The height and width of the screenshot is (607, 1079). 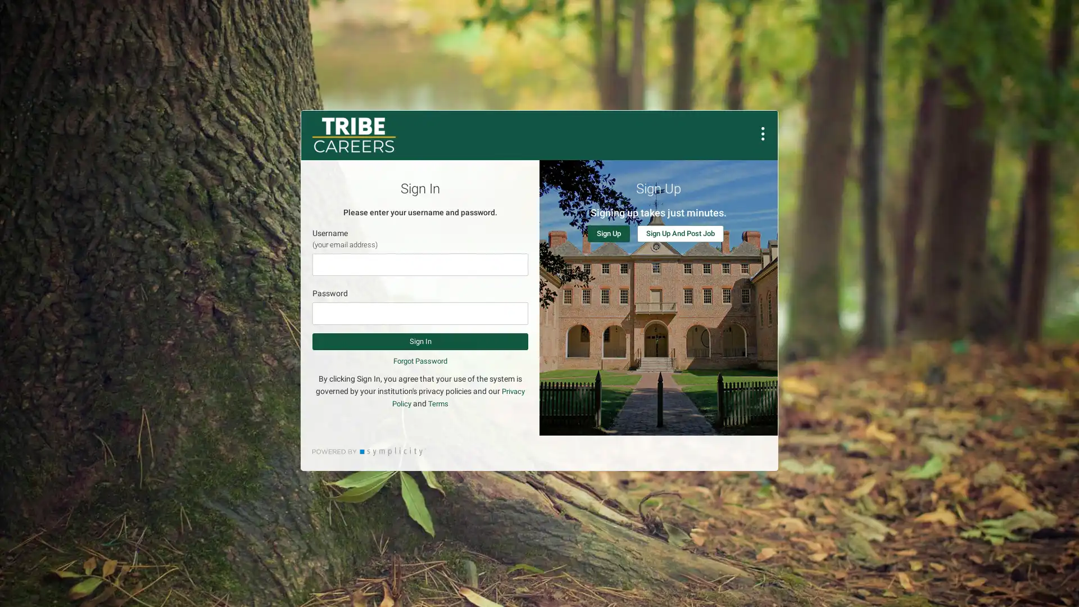 What do you see at coordinates (608, 233) in the screenshot?
I see `Sign Up` at bounding box center [608, 233].